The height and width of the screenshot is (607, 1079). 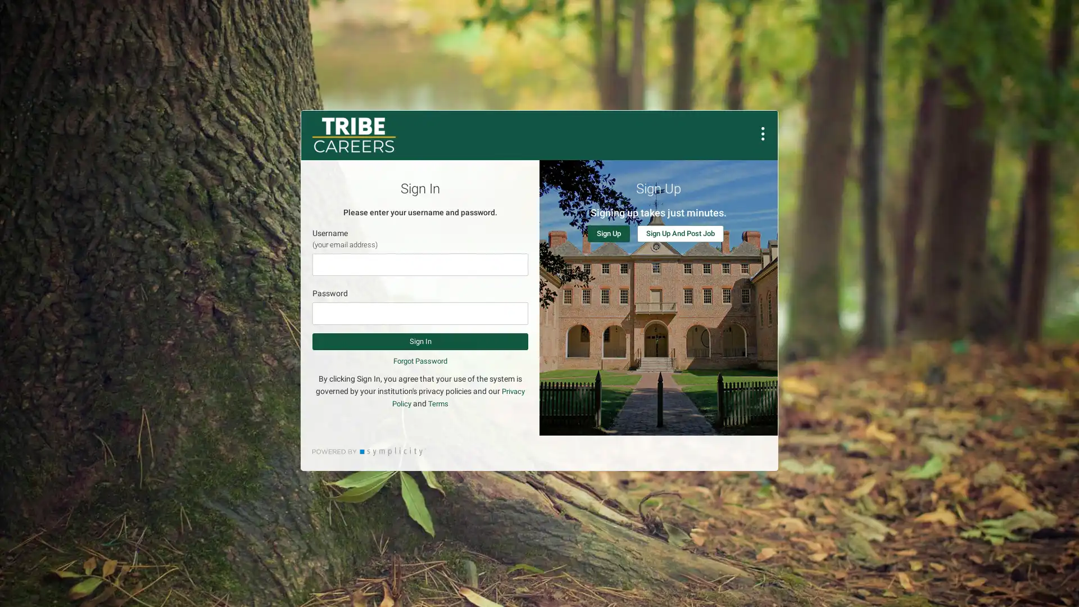 What do you see at coordinates (608, 233) in the screenshot?
I see `Sign Up` at bounding box center [608, 233].